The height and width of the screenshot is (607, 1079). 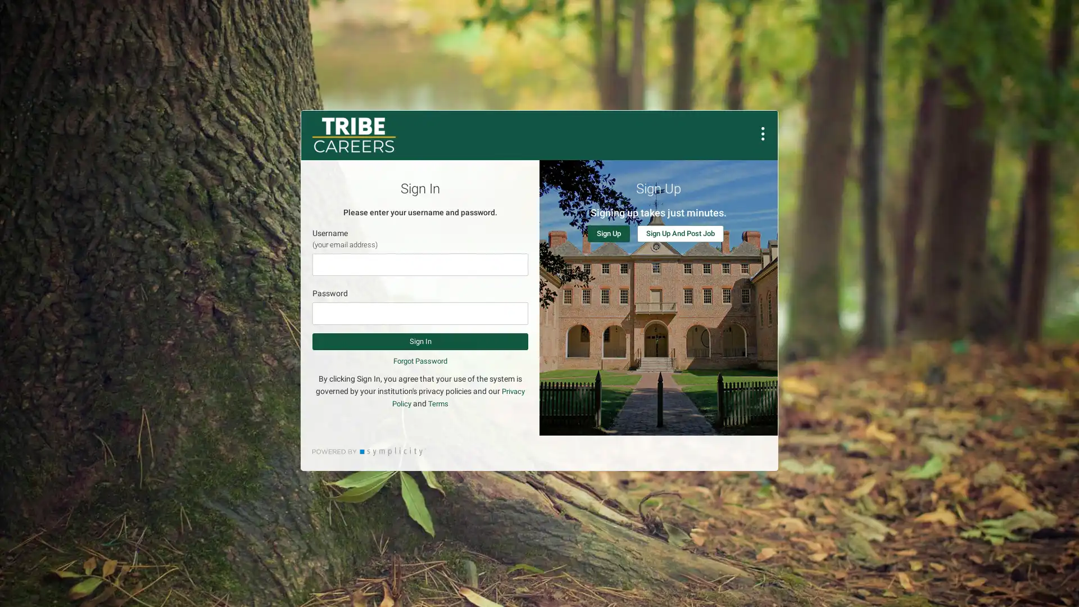 What do you see at coordinates (608, 233) in the screenshot?
I see `Sign Up` at bounding box center [608, 233].